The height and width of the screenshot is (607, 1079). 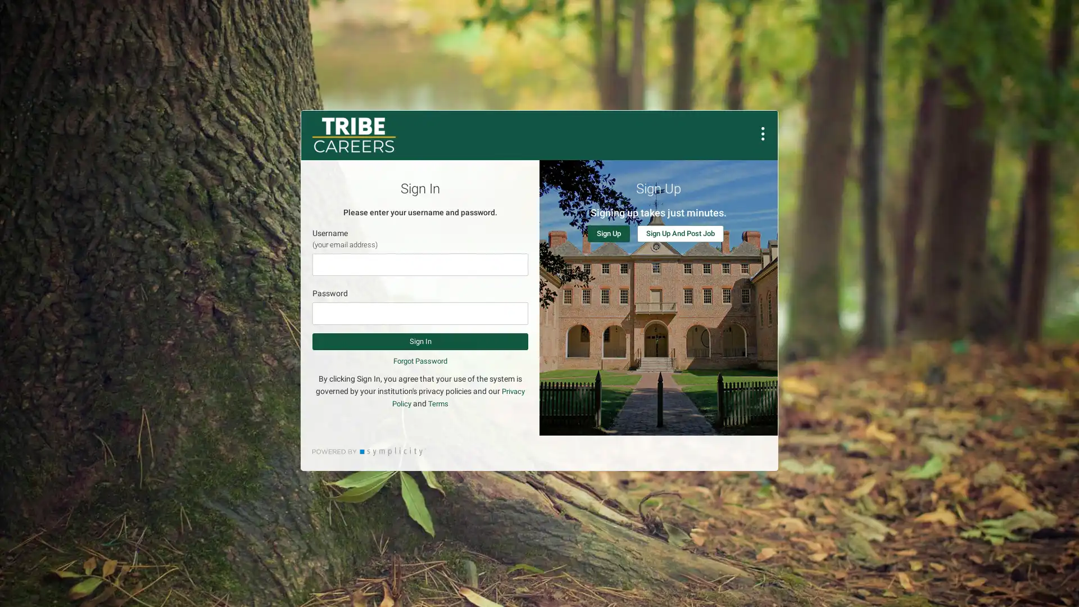 What do you see at coordinates (608, 233) in the screenshot?
I see `Sign Up` at bounding box center [608, 233].